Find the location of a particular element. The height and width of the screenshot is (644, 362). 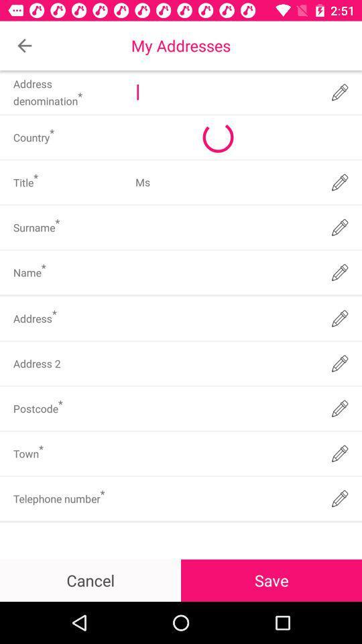

insert telephone number is located at coordinates (225, 498).